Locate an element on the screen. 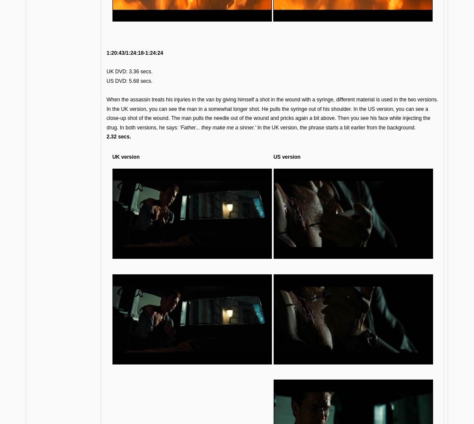 This screenshot has width=474, height=424. ''Father... they make me a sinner.'' is located at coordinates (218, 127).